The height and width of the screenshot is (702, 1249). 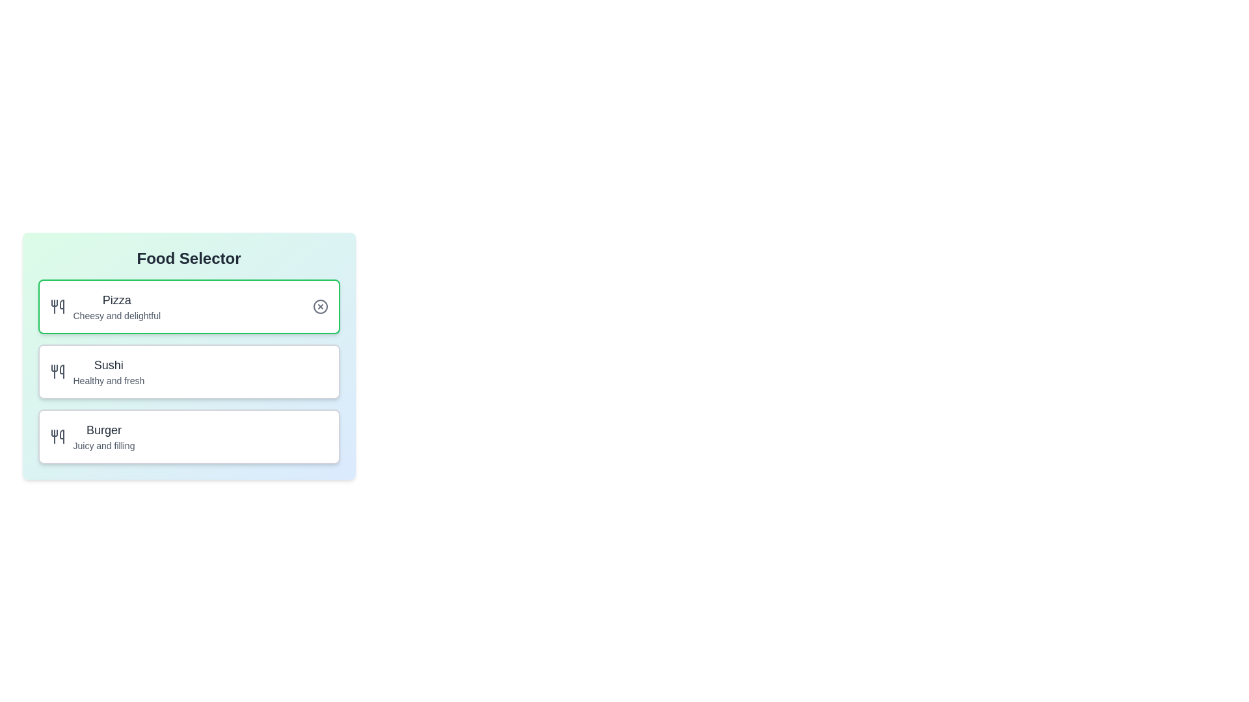 I want to click on the description of the selected food item, Pizza, so click(x=188, y=306).